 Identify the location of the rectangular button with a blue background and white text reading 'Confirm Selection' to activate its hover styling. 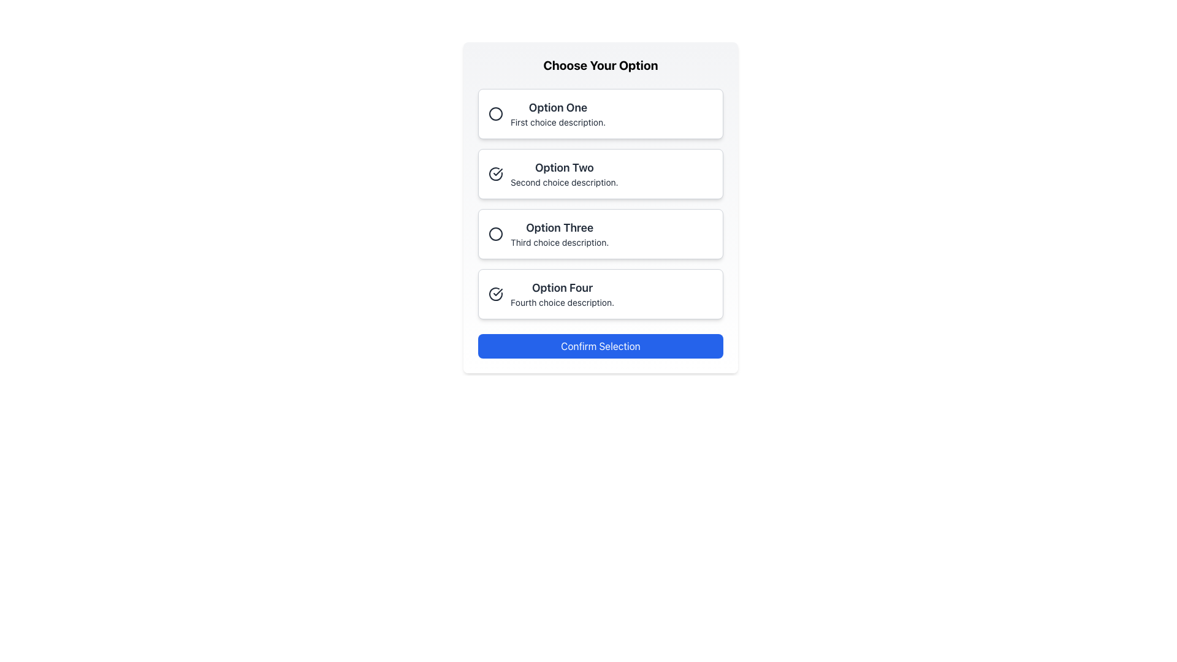
(600, 346).